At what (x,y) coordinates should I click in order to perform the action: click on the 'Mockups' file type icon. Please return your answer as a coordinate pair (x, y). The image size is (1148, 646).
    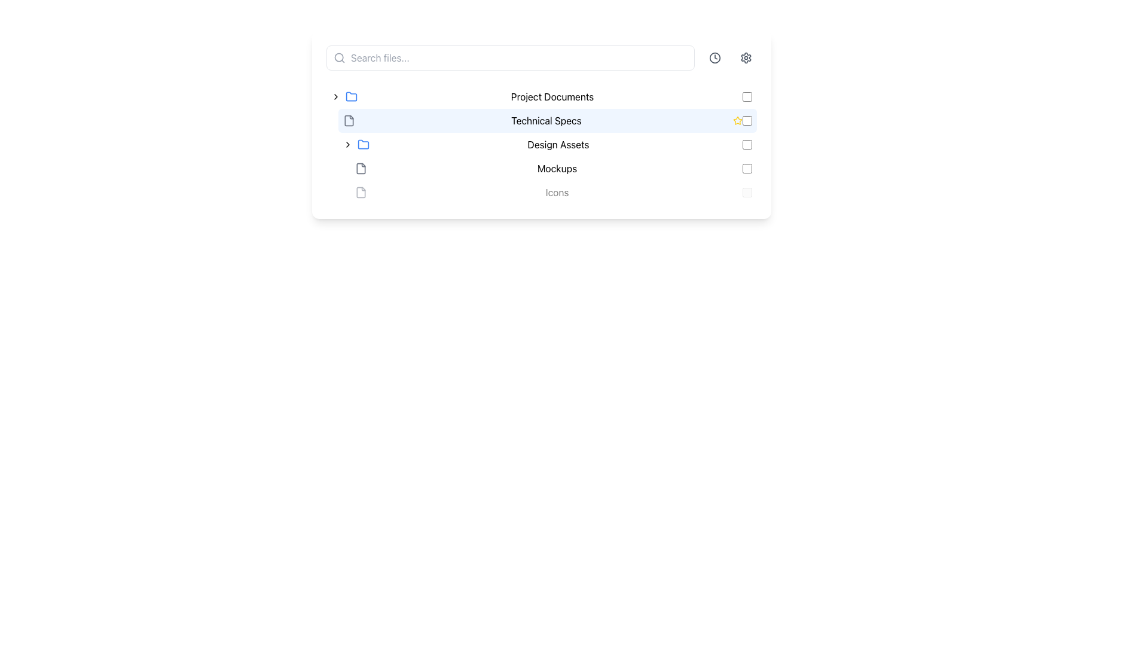
    Looking at the image, I should click on (361, 168).